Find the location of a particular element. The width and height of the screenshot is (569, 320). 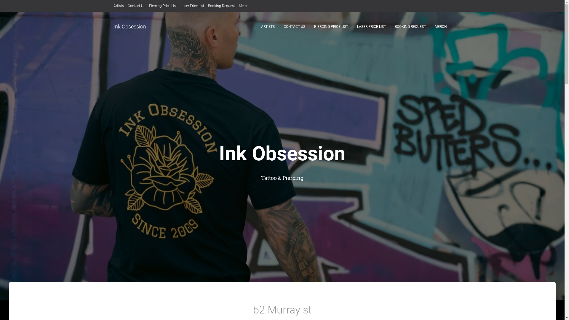

'LASER PRICE LIST' is located at coordinates (371, 26).